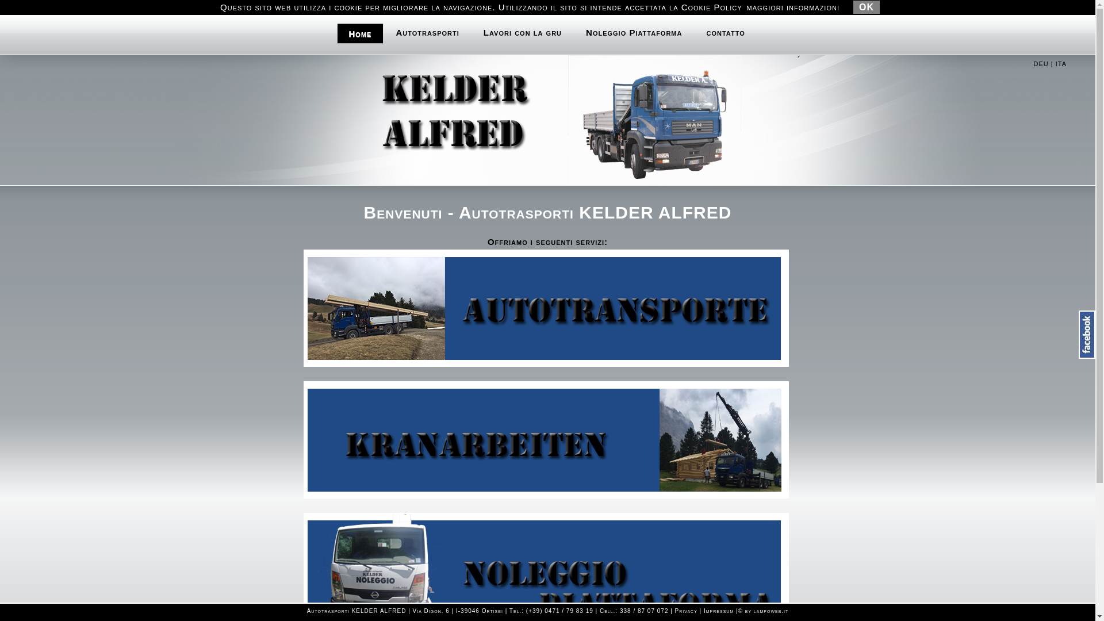 Image resolution: width=1104 pixels, height=621 pixels. Describe the element at coordinates (427, 32) in the screenshot. I see `'Autotrasporti'` at that location.